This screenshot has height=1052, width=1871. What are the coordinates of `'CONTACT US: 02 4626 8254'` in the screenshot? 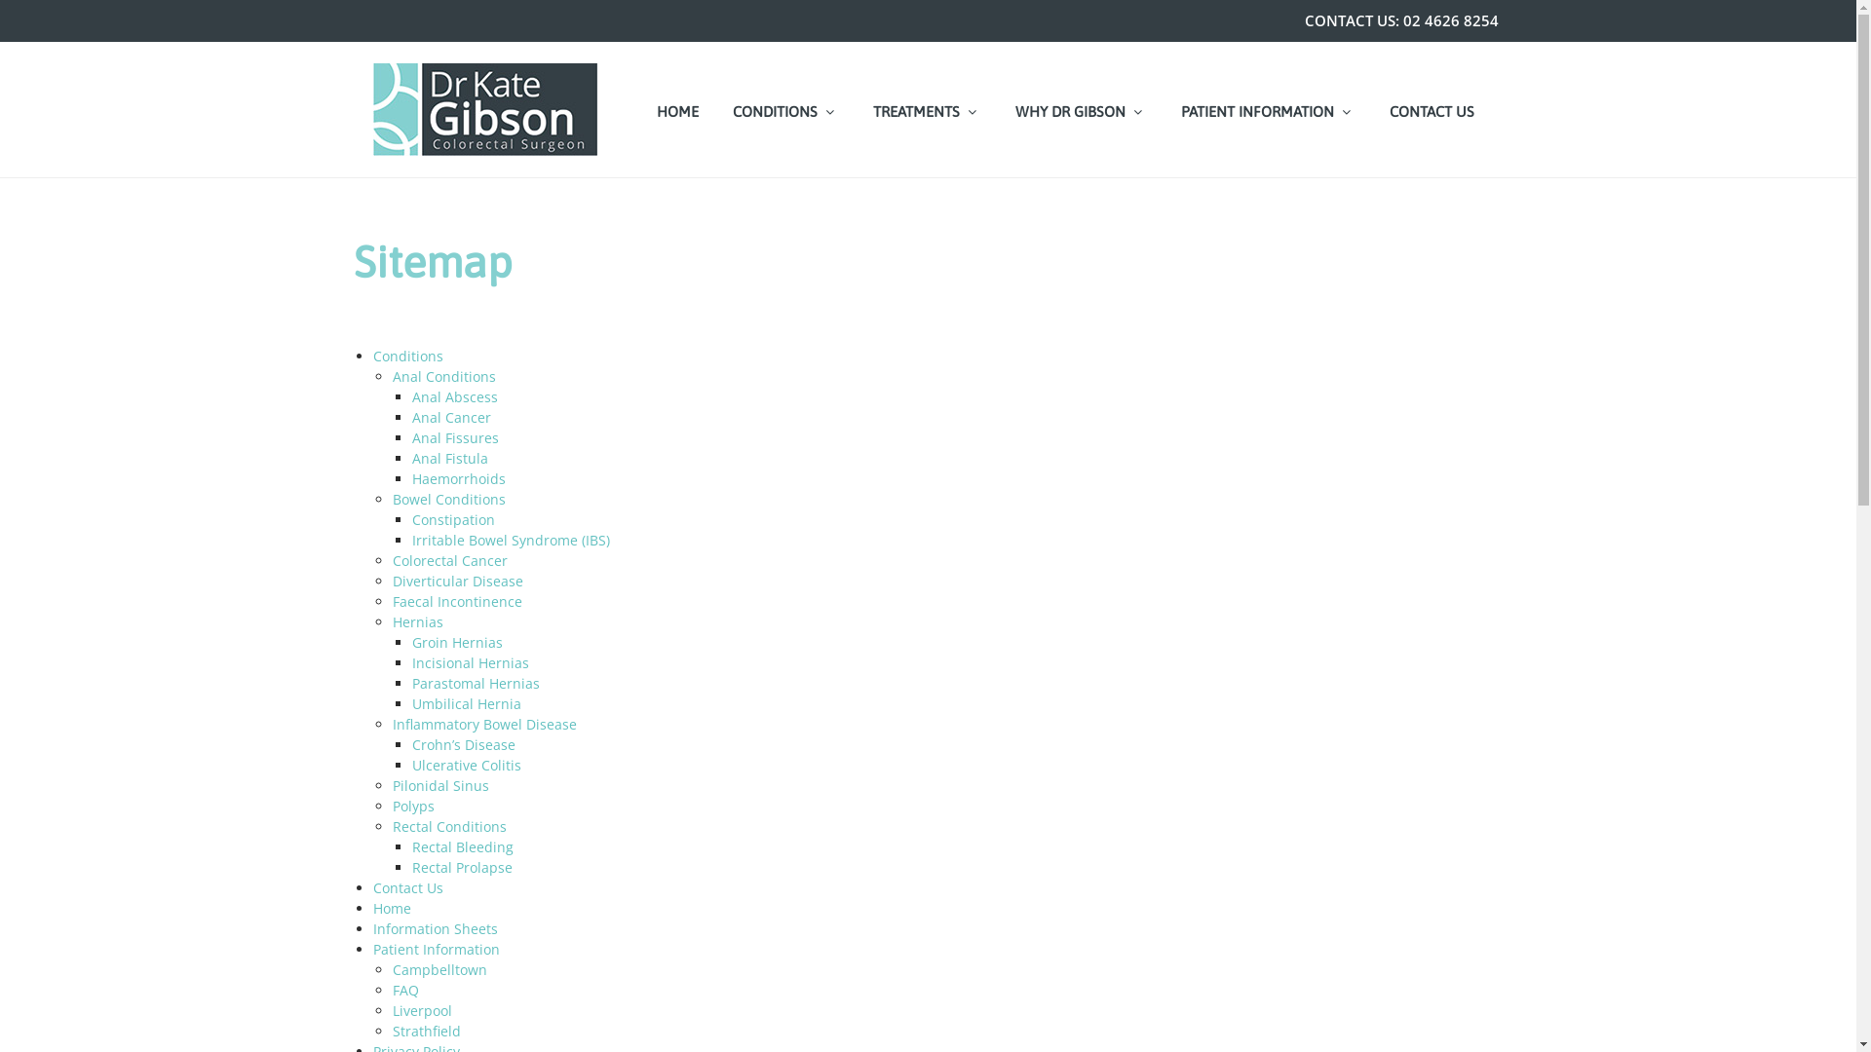 It's located at (1294, 21).